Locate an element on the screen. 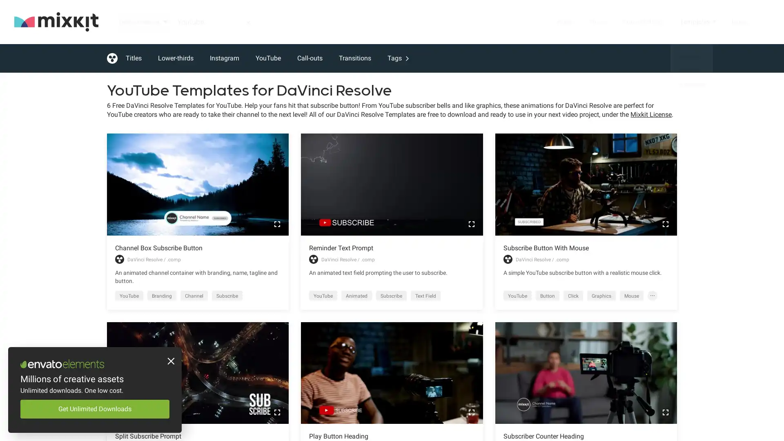 The image size is (784, 441). View Fullscreen is located at coordinates (471, 223).